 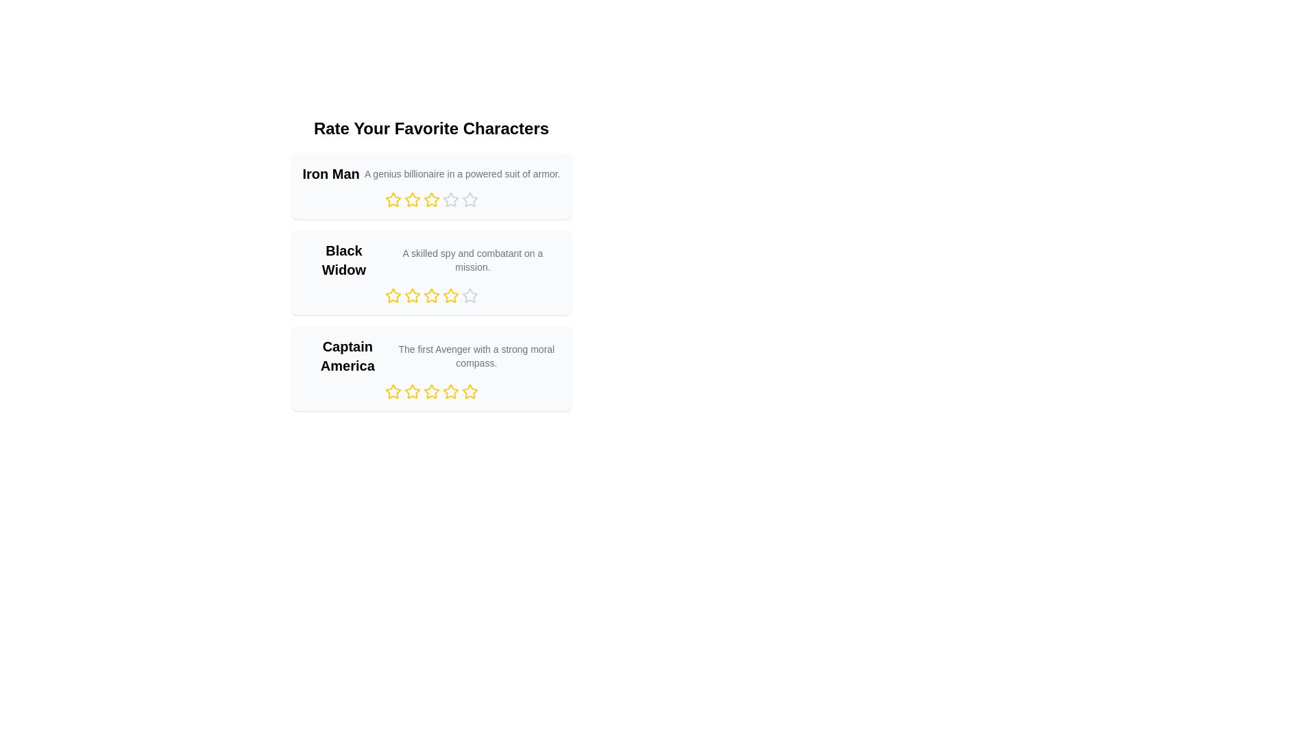 What do you see at coordinates (392, 200) in the screenshot?
I see `the second star in the rating system for 'Iron Man'` at bounding box center [392, 200].